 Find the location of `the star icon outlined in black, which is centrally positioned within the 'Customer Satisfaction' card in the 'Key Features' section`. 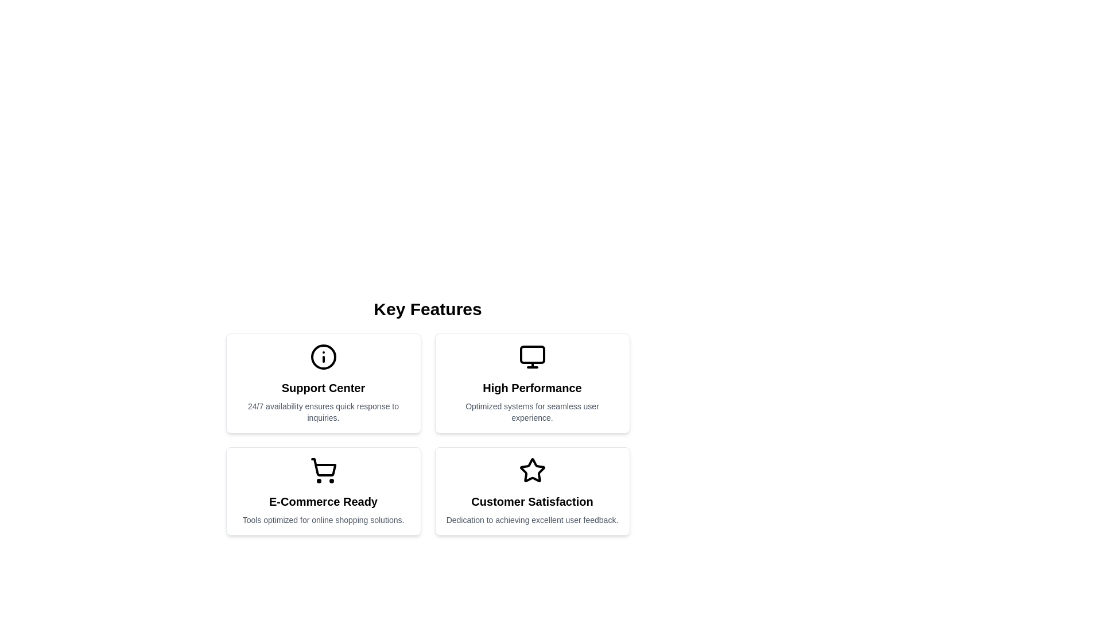

the star icon outlined in black, which is centrally positioned within the 'Customer Satisfaction' card in the 'Key Features' section is located at coordinates (531, 471).